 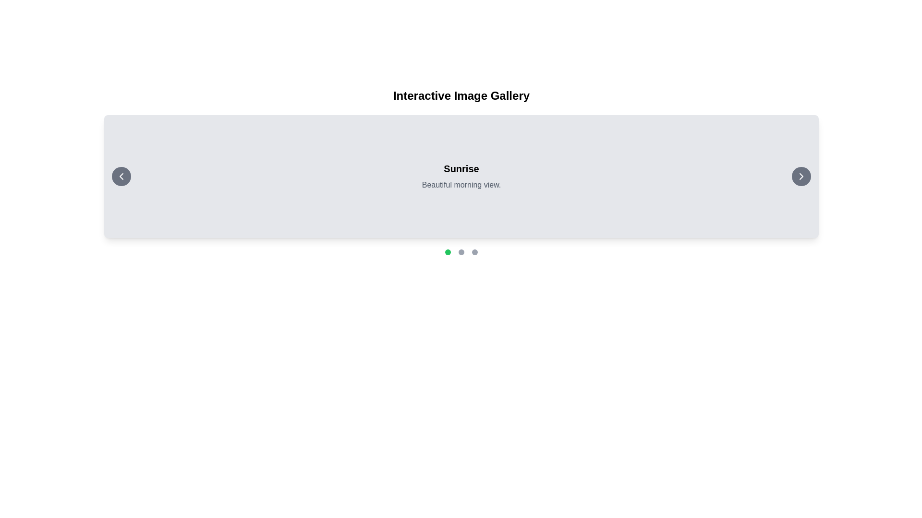 I want to click on the second circular gray-filled navigation indicator located under the 'Interactive Image Gallery' section for focus indication, so click(x=461, y=251).